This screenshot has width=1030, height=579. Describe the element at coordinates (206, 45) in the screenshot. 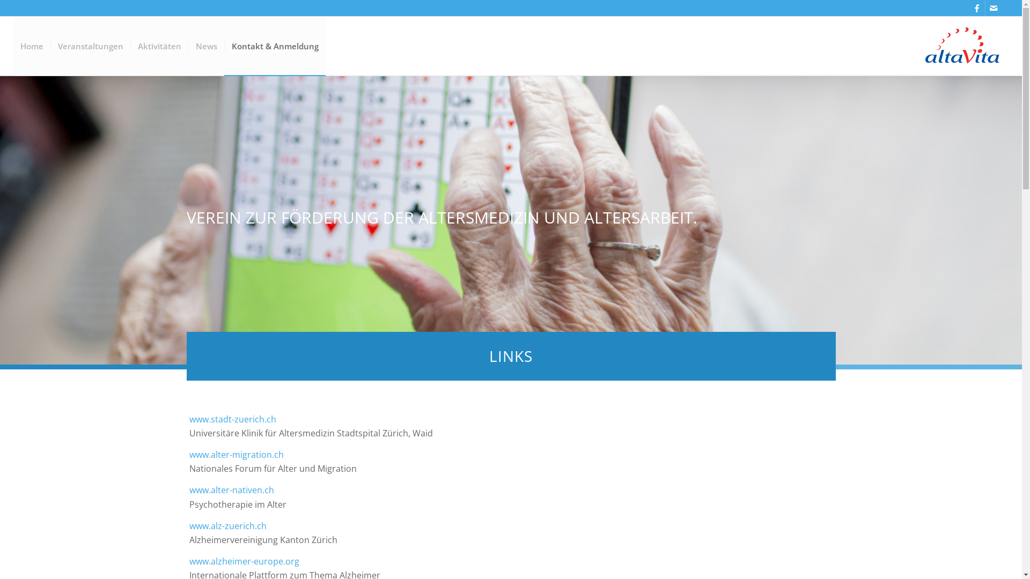

I see `'News'` at that location.